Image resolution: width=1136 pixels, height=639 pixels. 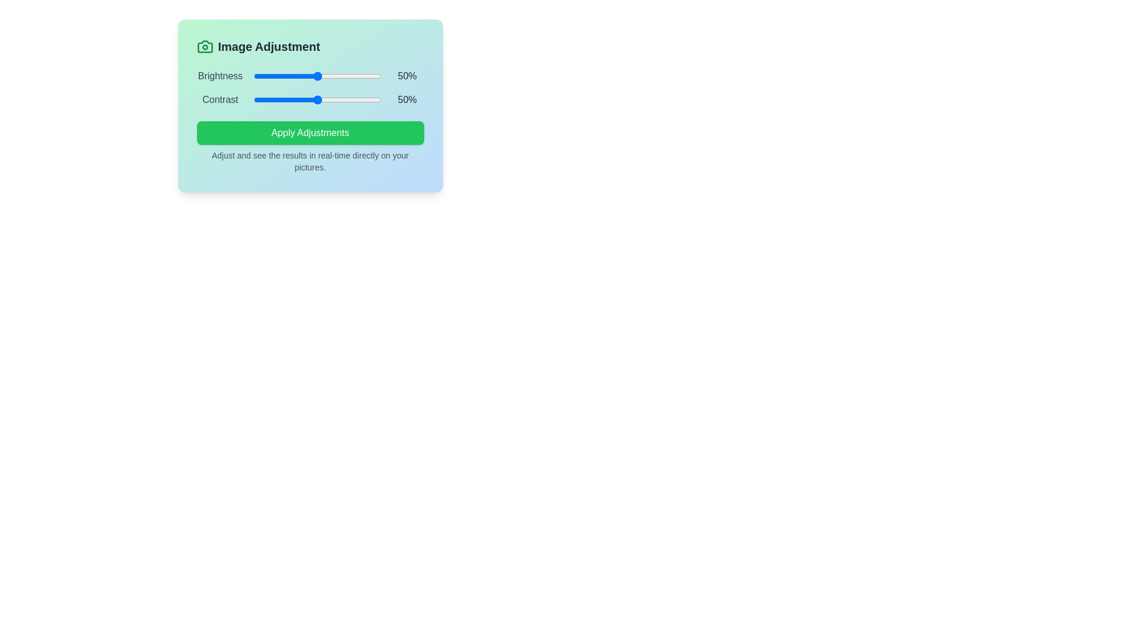 What do you see at coordinates (345, 99) in the screenshot?
I see `the contrast slider to 72%` at bounding box center [345, 99].